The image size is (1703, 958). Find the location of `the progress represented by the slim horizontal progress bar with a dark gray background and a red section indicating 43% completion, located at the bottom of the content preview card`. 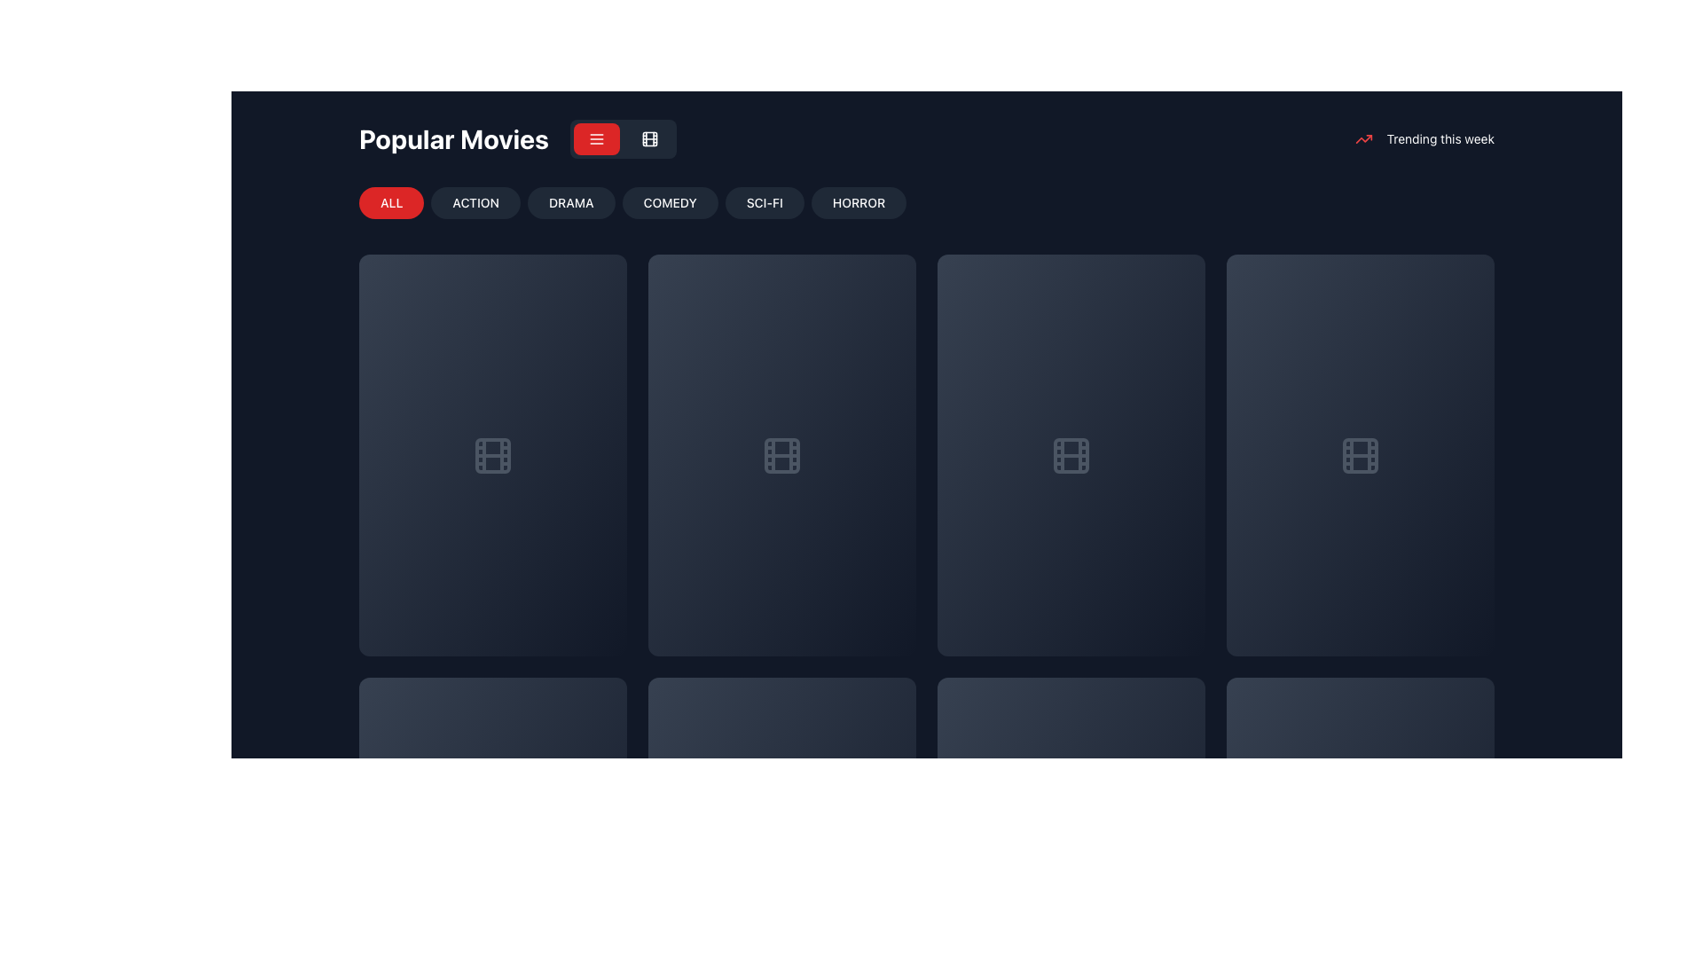

the progress represented by the slim horizontal progress bar with a dark gray background and a red section indicating 43% completion, located at the bottom of the content preview card is located at coordinates (493, 640).